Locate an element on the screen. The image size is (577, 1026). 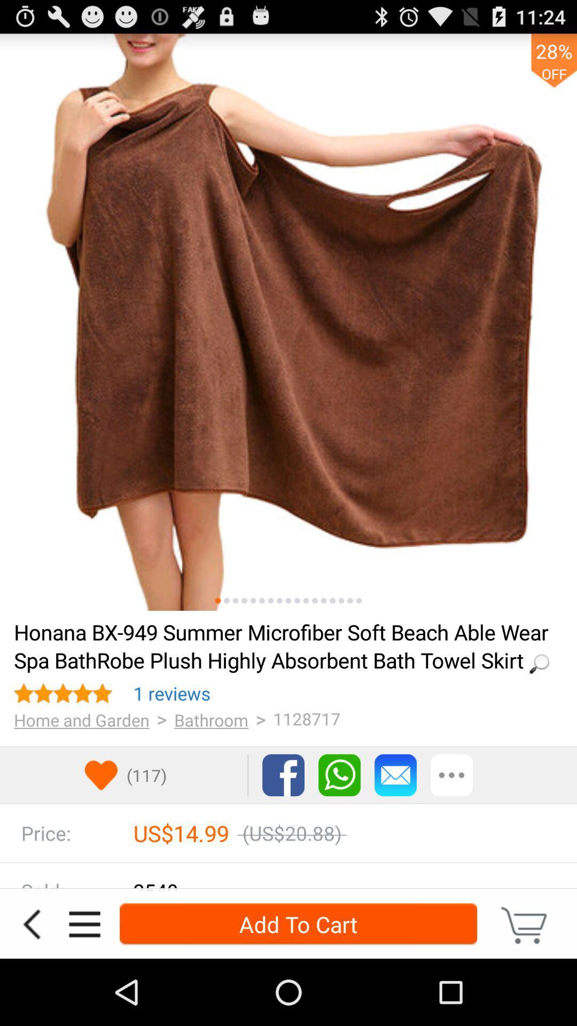
product image is located at coordinates (235, 601).